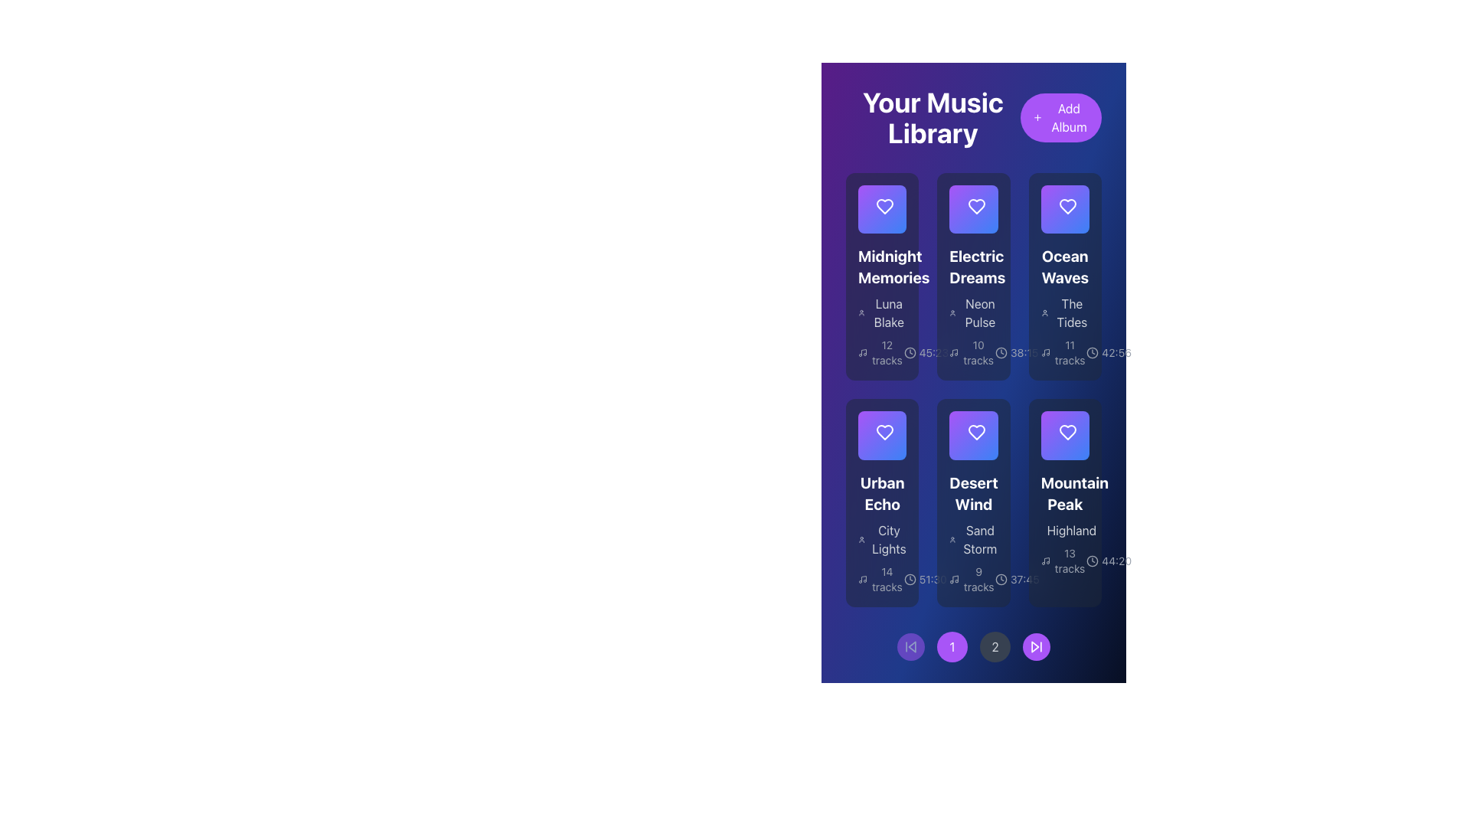 Image resolution: width=1470 pixels, height=827 pixels. I want to click on the text label 'The Tides' that is part of the 'Ocean Waves' section in the 'Your Music Library' interface, which features a user silhouette icon to its left, so click(1064, 312).